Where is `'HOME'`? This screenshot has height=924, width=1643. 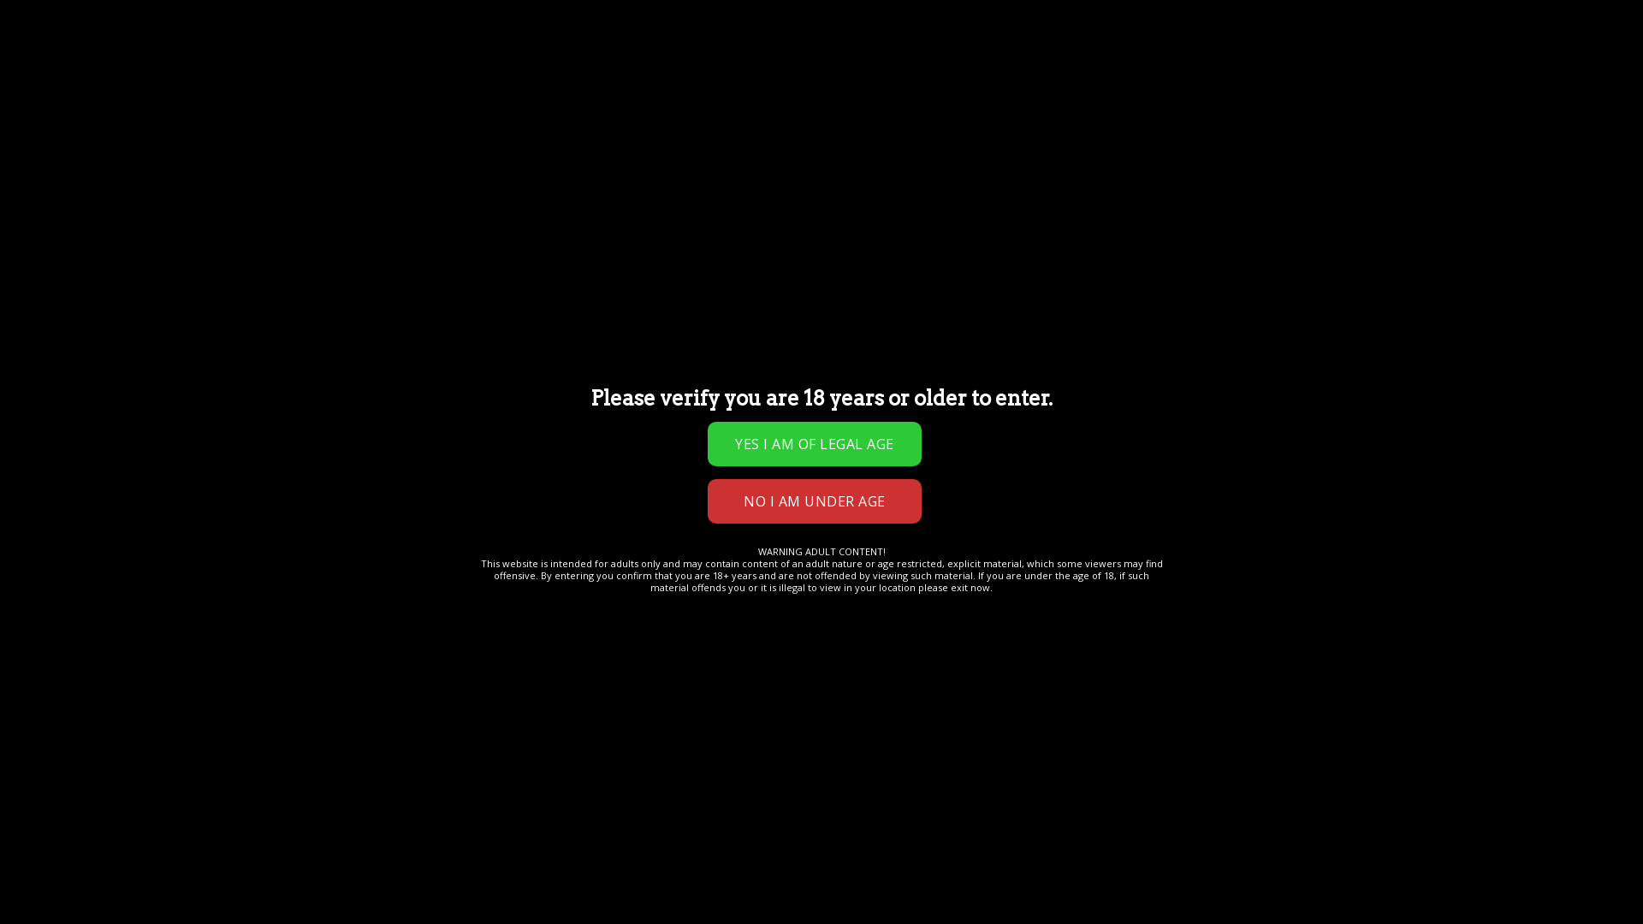
'HOME' is located at coordinates (74, 181).